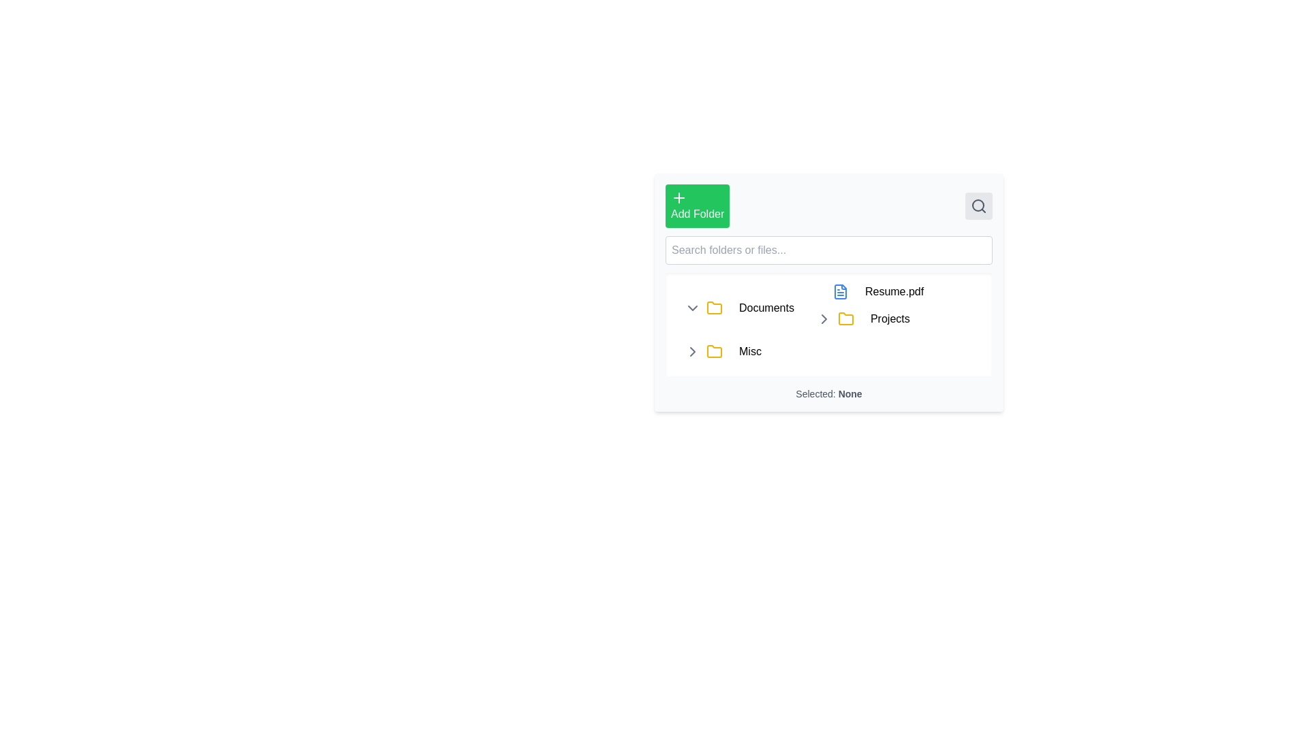  Describe the element at coordinates (714, 308) in the screenshot. I see `the 'Documents' folder icon` at that location.